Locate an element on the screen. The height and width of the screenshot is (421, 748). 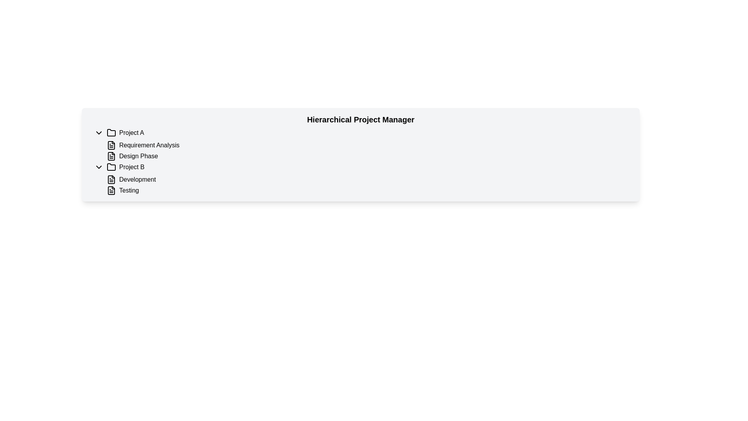
the Folder icon representing 'Project A' to show the context menu is located at coordinates (111, 132).